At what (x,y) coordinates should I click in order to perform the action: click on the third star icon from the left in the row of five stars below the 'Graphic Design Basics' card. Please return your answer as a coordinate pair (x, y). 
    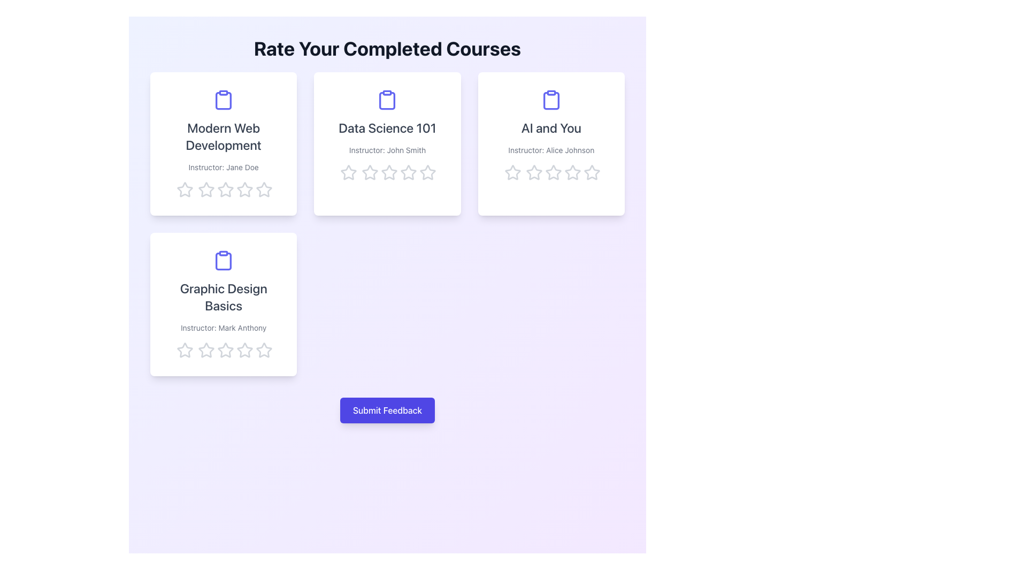
    Looking at the image, I should click on (206, 351).